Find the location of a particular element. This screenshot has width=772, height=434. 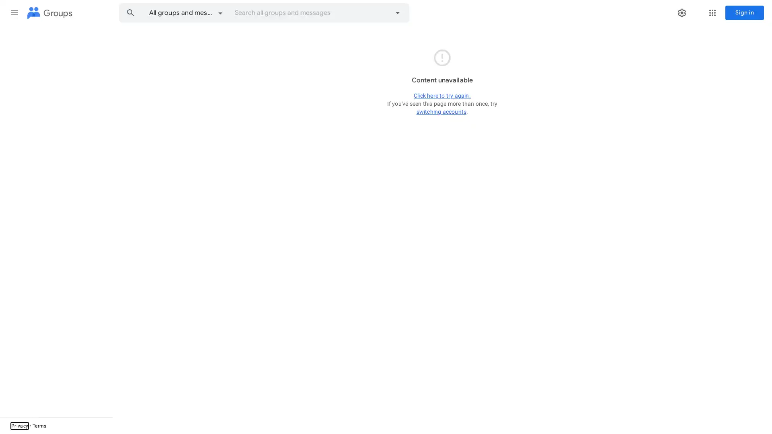

Google apps is located at coordinates (712, 12).